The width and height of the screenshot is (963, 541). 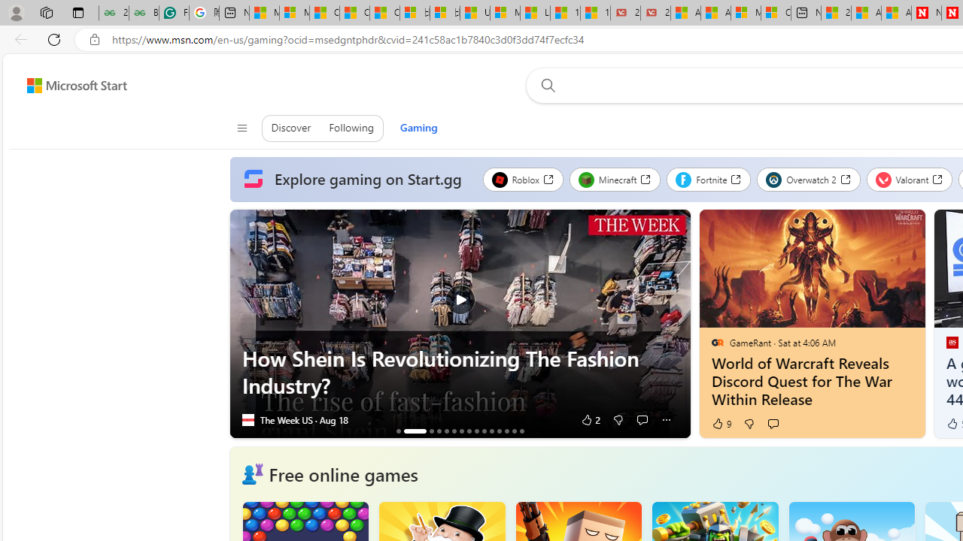 I want to click on 'Cloud Computing Services | Microsoft Azure', so click(x=776, y=13).